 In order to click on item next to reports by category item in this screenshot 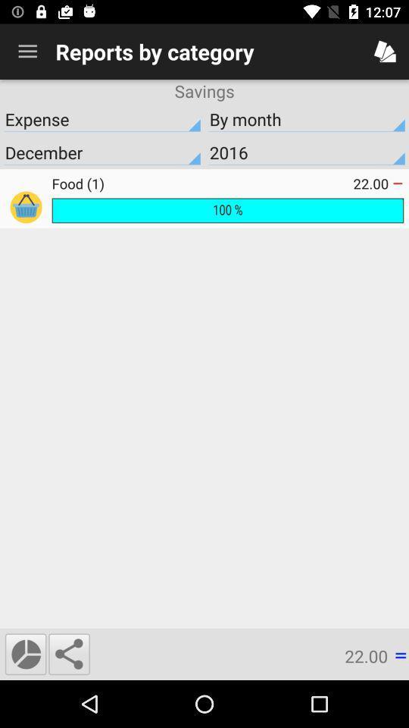, I will do `click(27, 52)`.